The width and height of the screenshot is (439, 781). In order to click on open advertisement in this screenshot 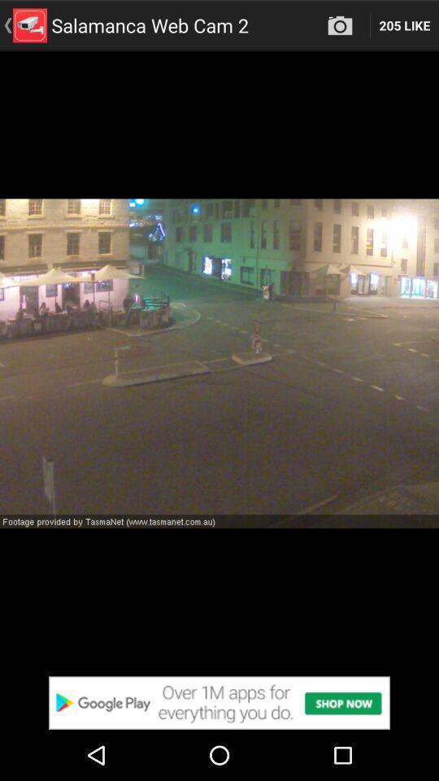, I will do `click(219, 702)`.